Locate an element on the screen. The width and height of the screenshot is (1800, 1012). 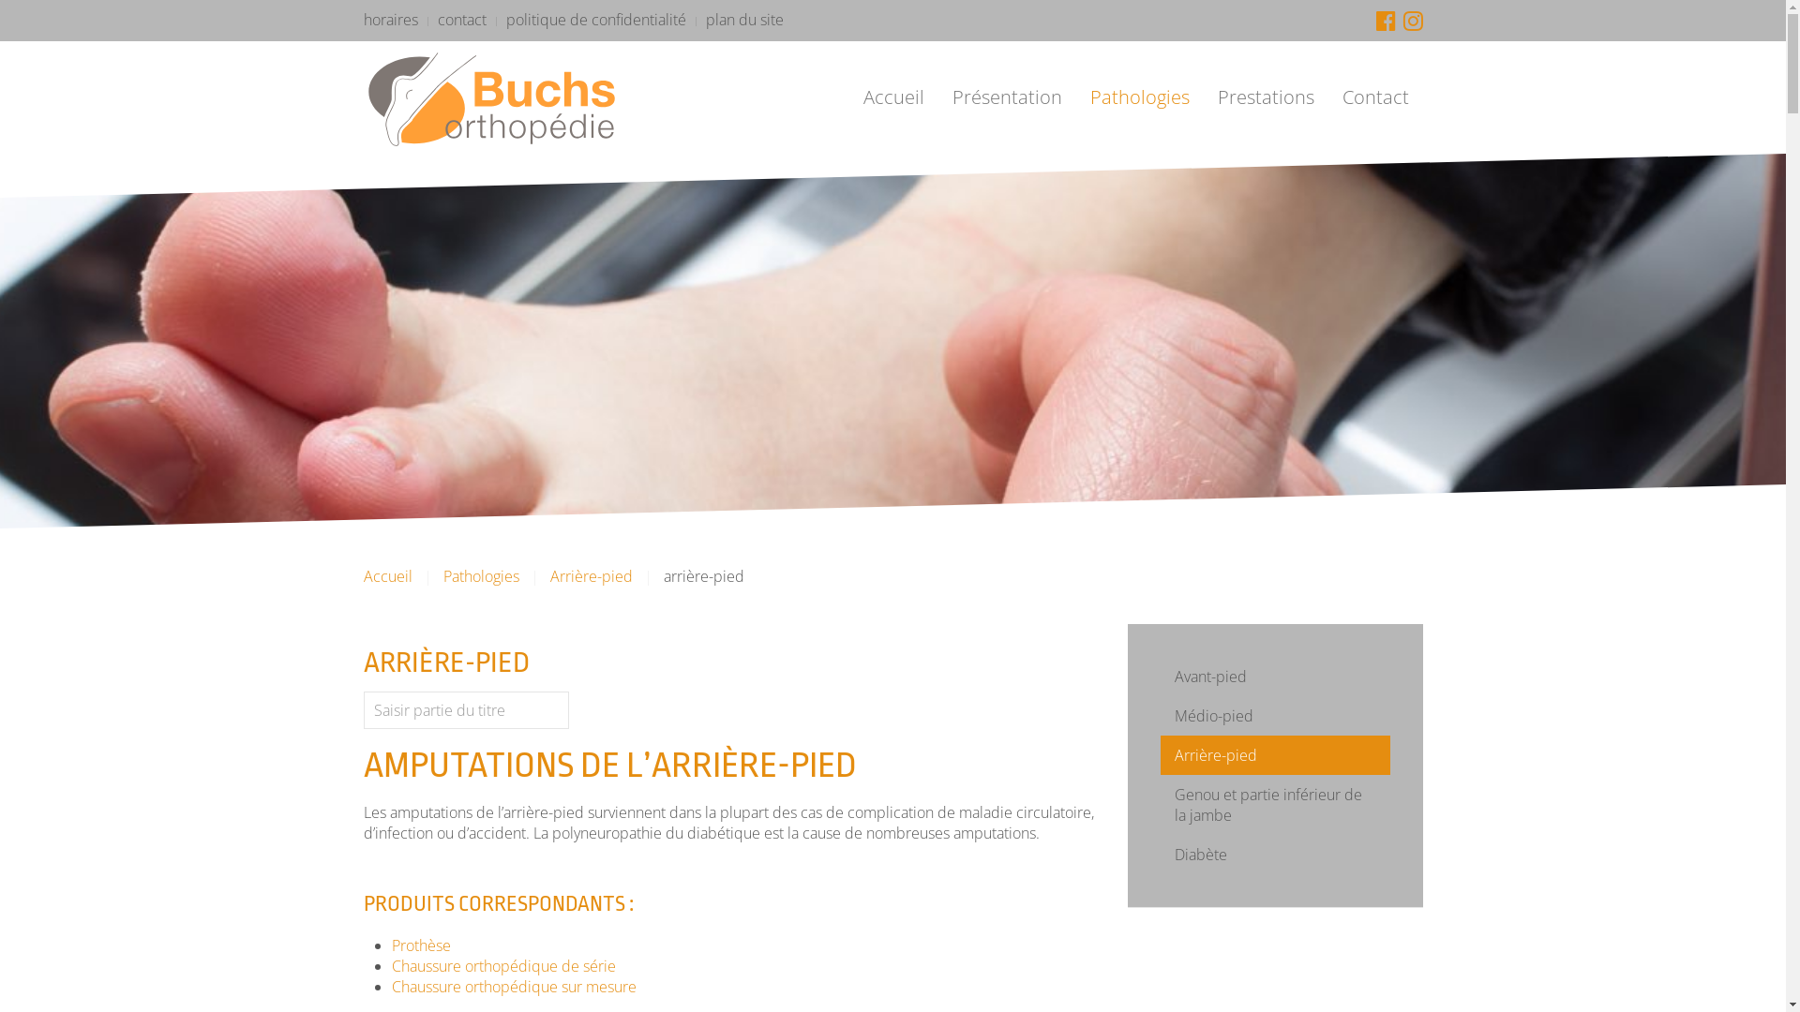
'horaires' is located at coordinates (390, 19).